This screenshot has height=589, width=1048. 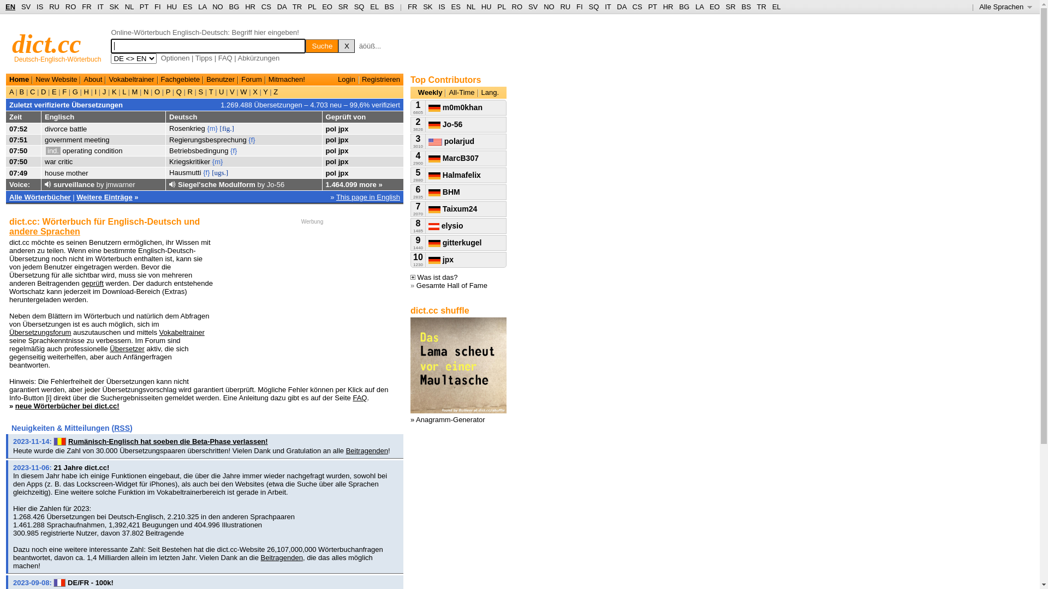 I want to click on 'New Website', so click(x=55, y=79).